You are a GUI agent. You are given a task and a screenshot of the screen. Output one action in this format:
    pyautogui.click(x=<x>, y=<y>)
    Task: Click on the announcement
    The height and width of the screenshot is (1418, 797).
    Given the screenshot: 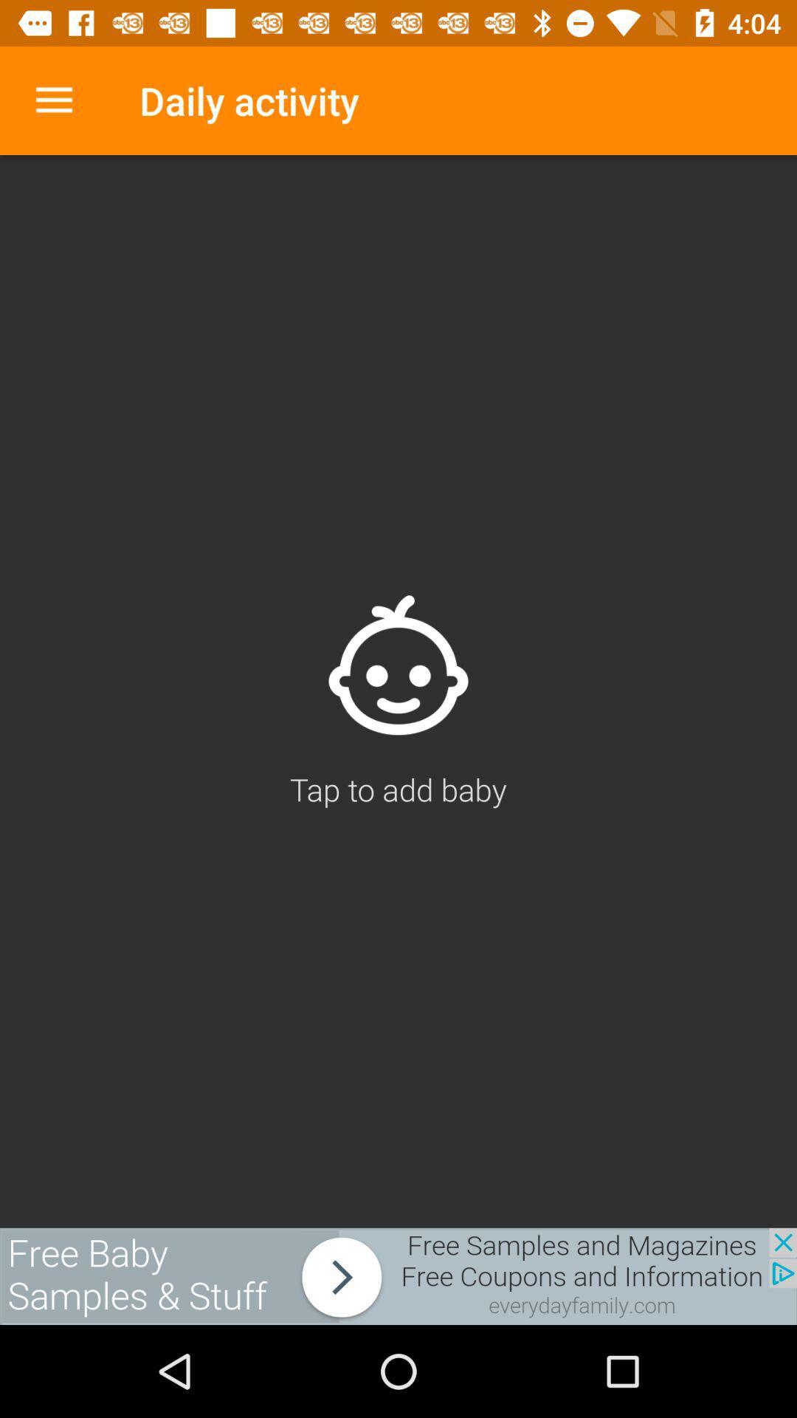 What is the action you would take?
    pyautogui.click(x=398, y=1275)
    